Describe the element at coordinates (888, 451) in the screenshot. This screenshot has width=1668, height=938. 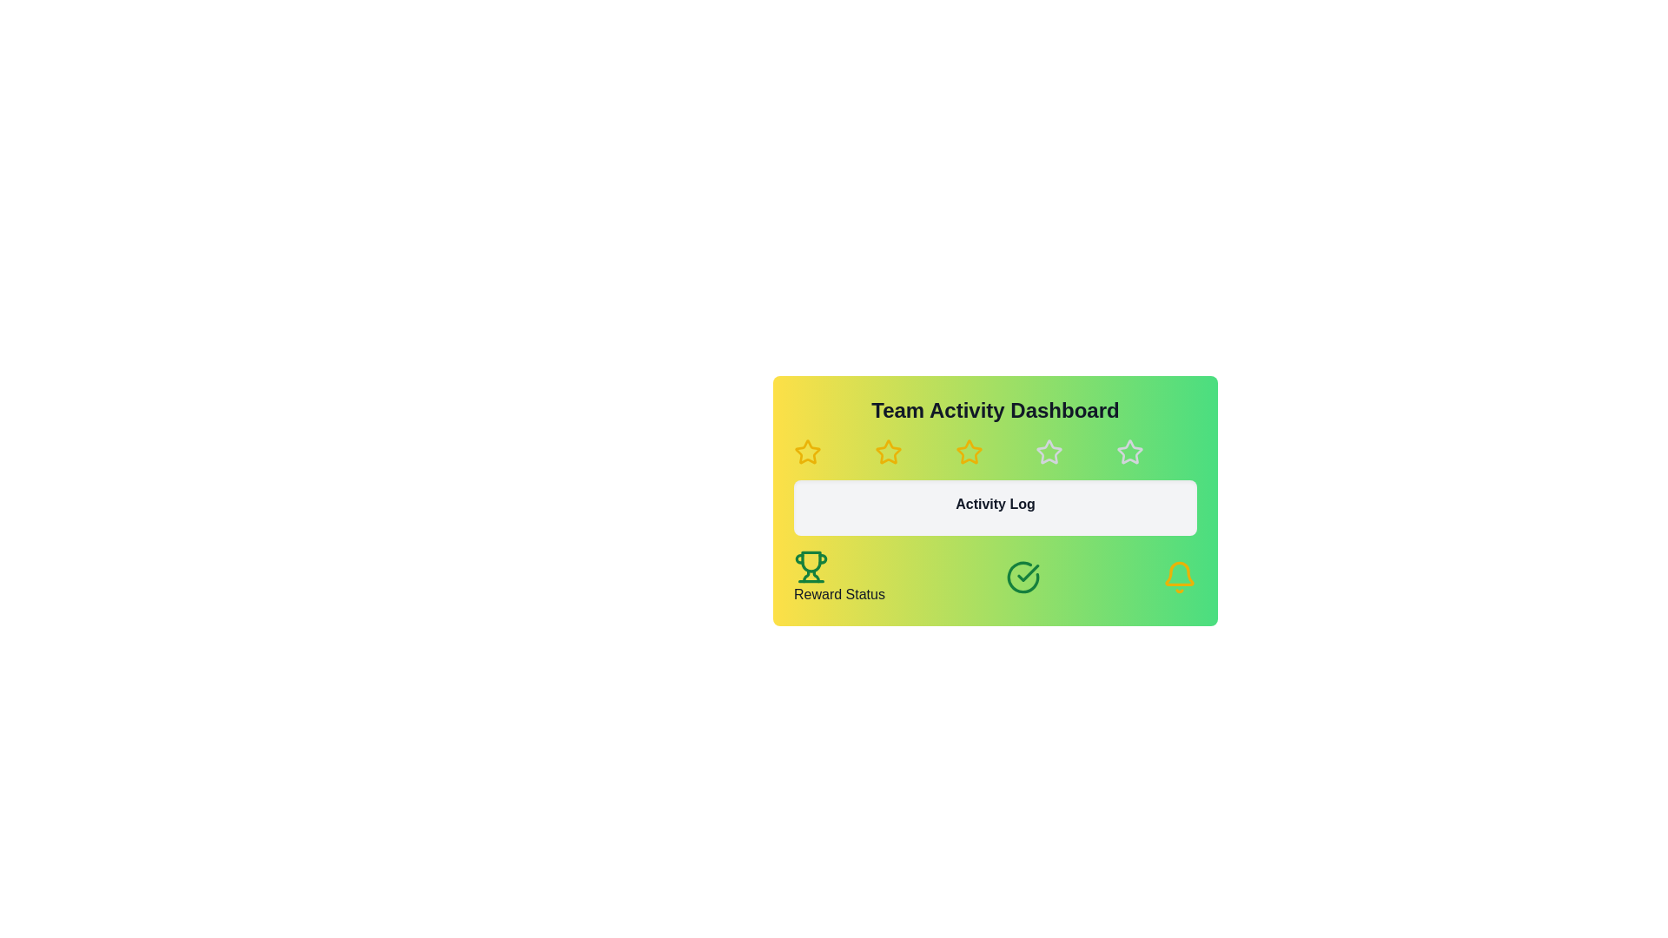
I see `the second star icon in the horizontal row of five stars on the 'Team Activity Dashboard'` at that location.